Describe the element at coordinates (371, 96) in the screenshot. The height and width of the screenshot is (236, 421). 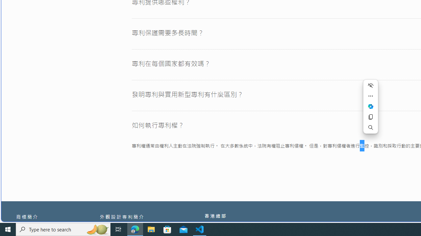
I see `'More actions'` at that location.